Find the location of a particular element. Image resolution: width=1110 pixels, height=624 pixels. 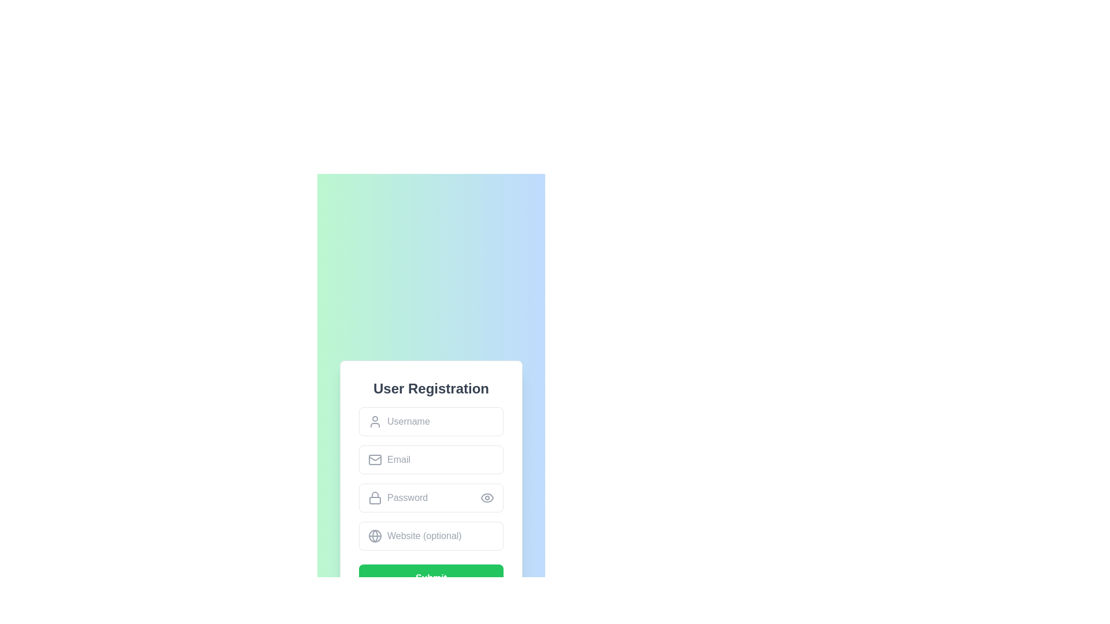

the rectangular green 'Submit' button with white text at the bottom of the user registration form is located at coordinates (430, 578).